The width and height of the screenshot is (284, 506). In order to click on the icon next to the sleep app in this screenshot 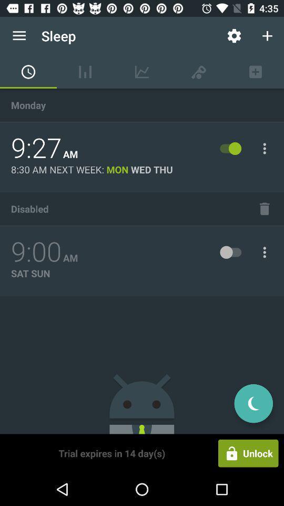, I will do `click(234, 36)`.